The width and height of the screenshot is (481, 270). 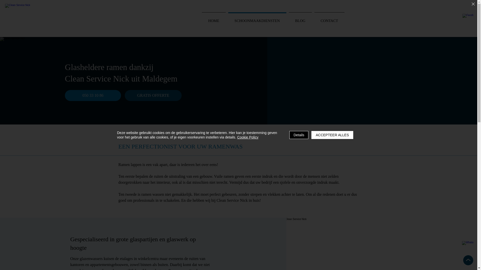 What do you see at coordinates (329, 18) in the screenshot?
I see `'CONTACT'` at bounding box center [329, 18].